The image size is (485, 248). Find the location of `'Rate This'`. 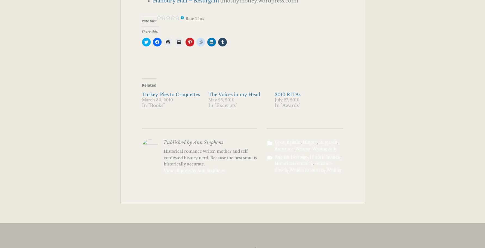

'Rate This' is located at coordinates (194, 18).